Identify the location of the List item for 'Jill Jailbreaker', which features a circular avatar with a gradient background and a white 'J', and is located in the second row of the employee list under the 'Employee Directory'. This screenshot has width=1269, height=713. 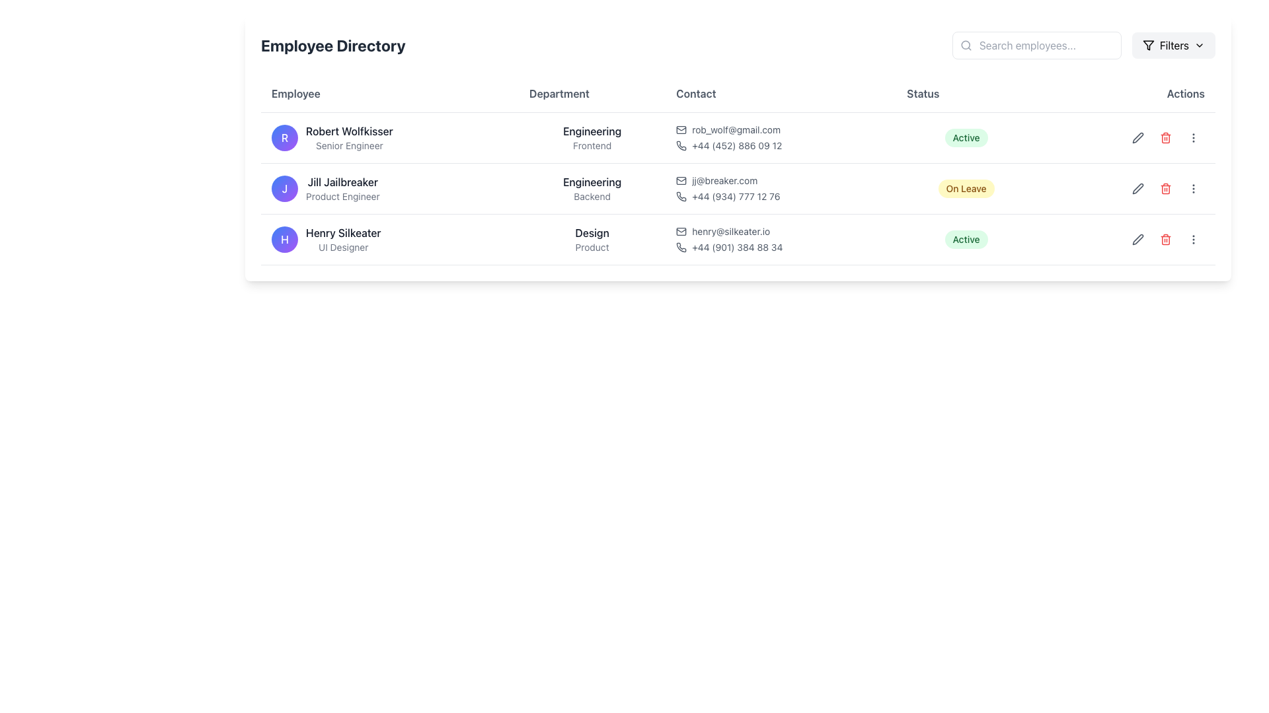
(389, 188).